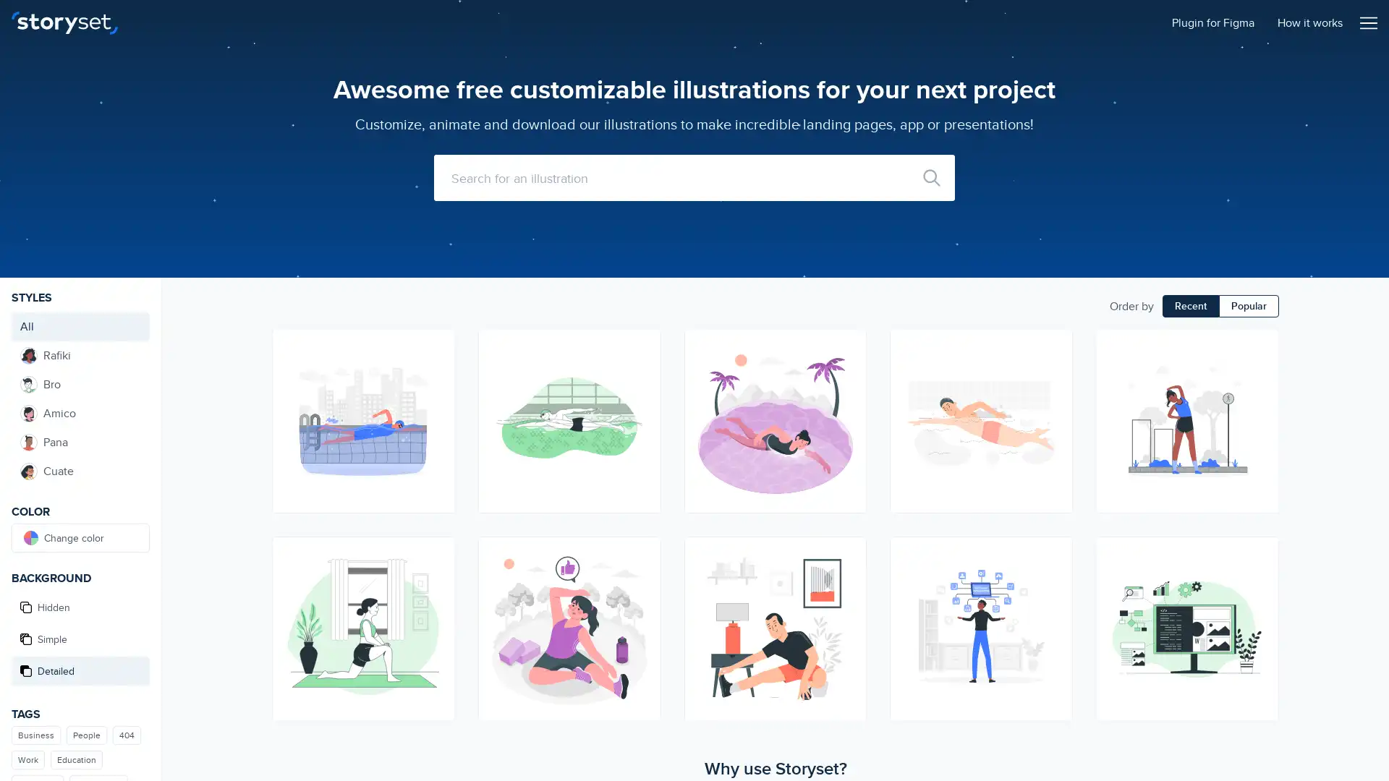 The height and width of the screenshot is (781, 1389). What do you see at coordinates (1055, 346) in the screenshot?
I see `wand icon Animate` at bounding box center [1055, 346].